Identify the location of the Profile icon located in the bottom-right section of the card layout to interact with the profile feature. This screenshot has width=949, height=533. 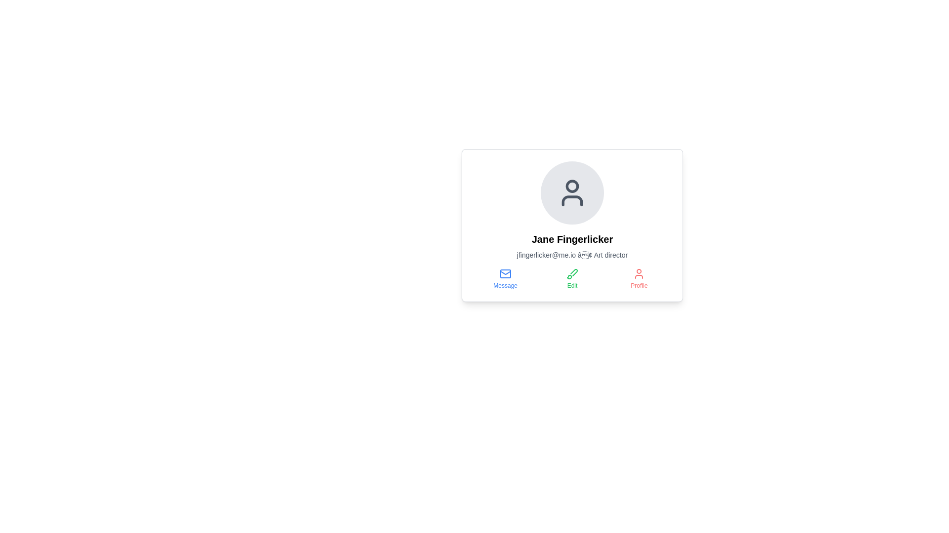
(639, 274).